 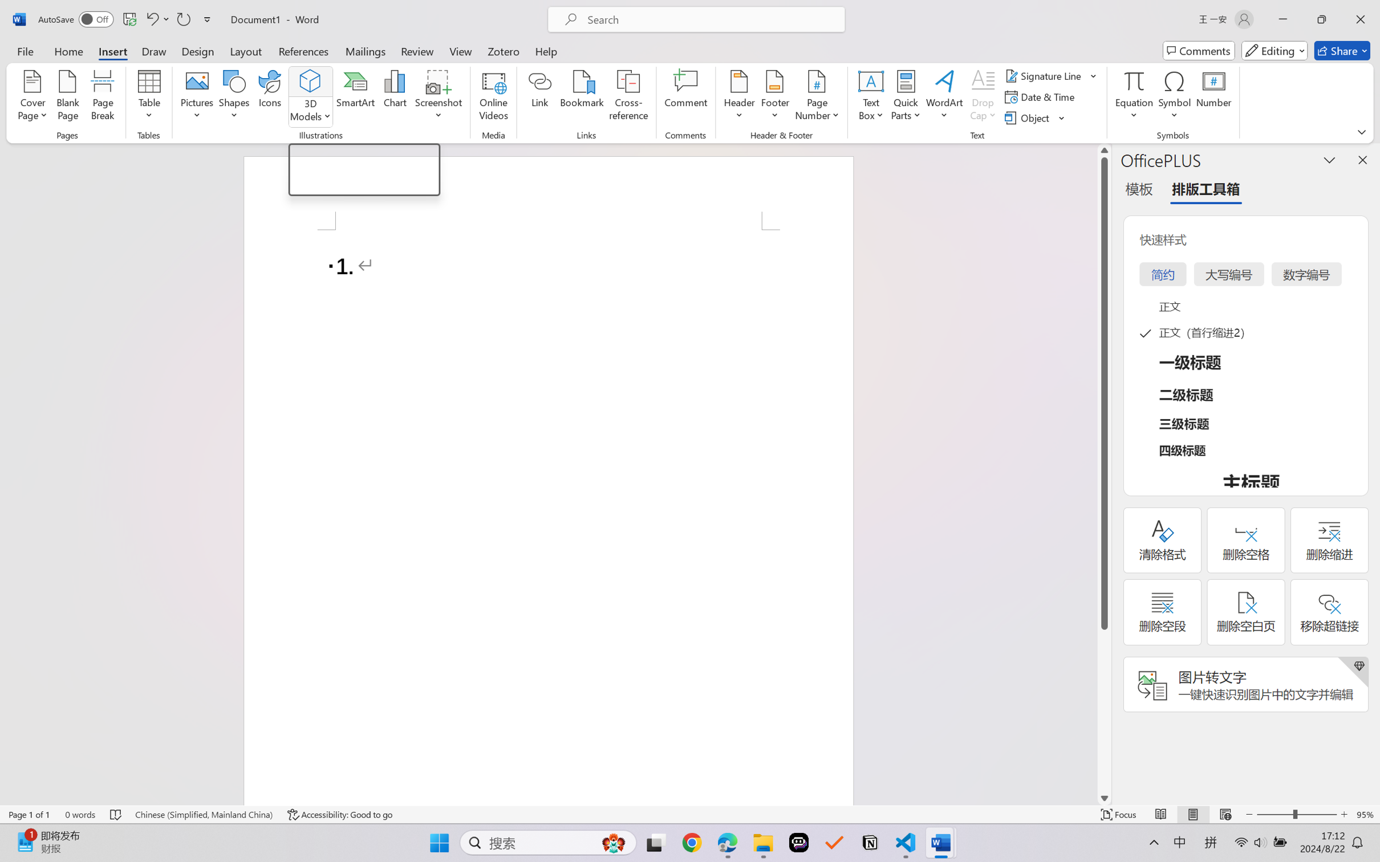 I want to click on 'Online Videos...', so click(x=494, y=97).